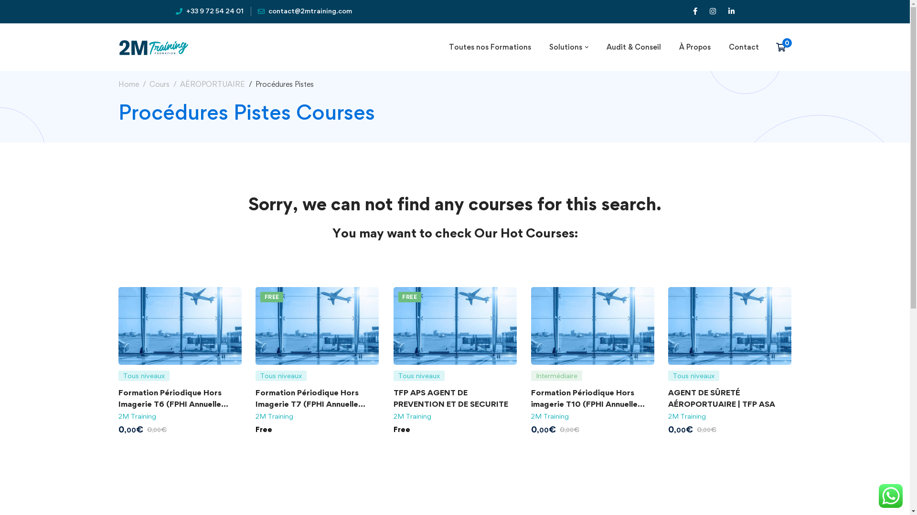  What do you see at coordinates (541, 47) in the screenshot?
I see `'Solutions'` at bounding box center [541, 47].